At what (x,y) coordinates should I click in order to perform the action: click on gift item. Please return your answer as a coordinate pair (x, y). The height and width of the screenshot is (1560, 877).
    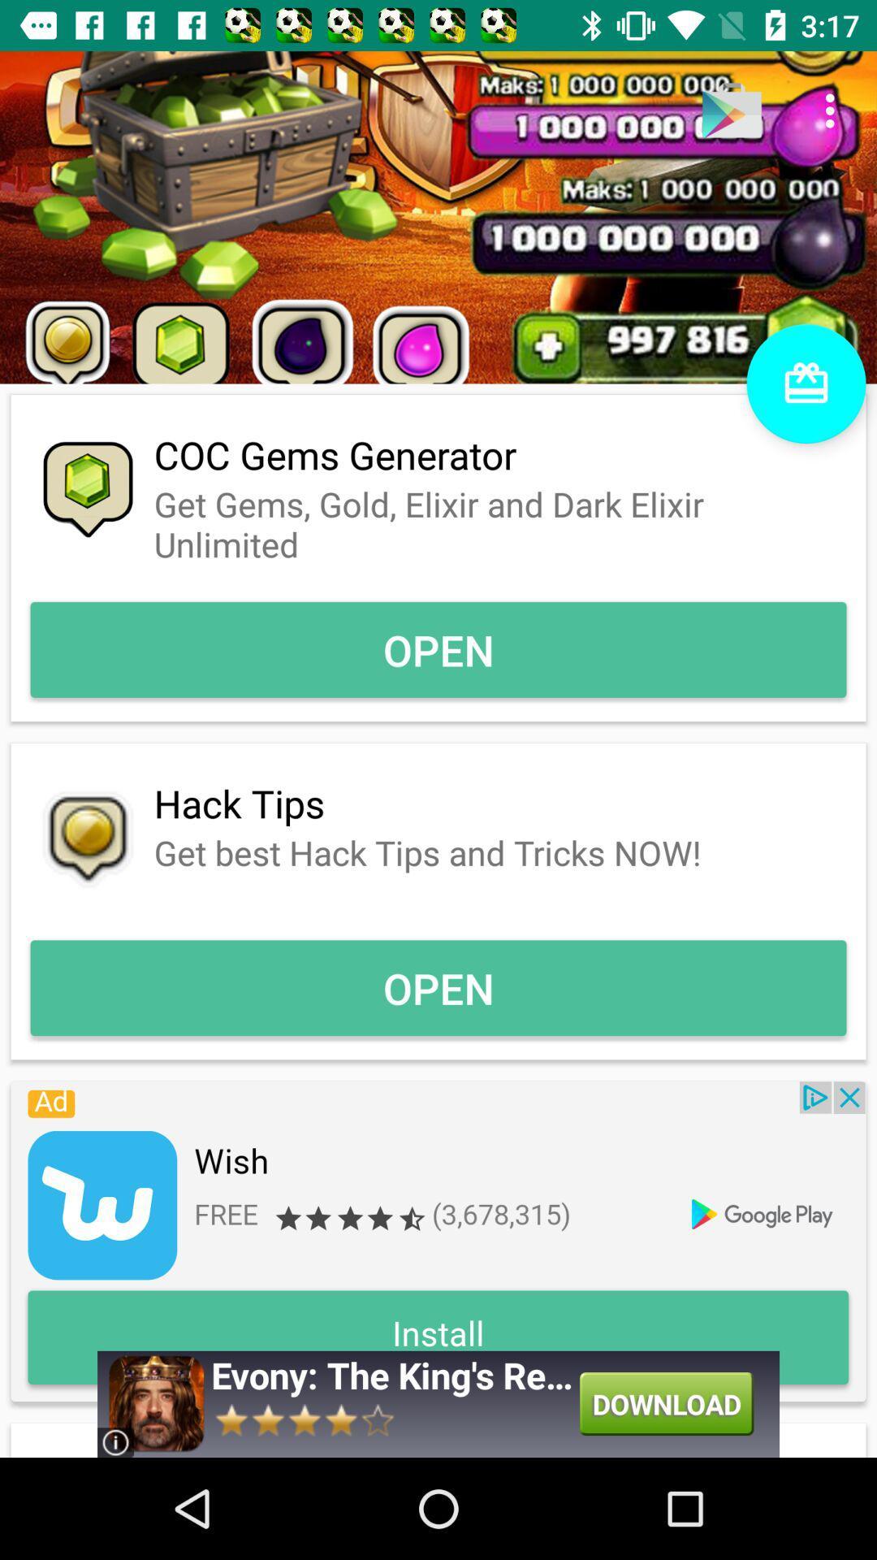
    Looking at the image, I should click on (806, 383).